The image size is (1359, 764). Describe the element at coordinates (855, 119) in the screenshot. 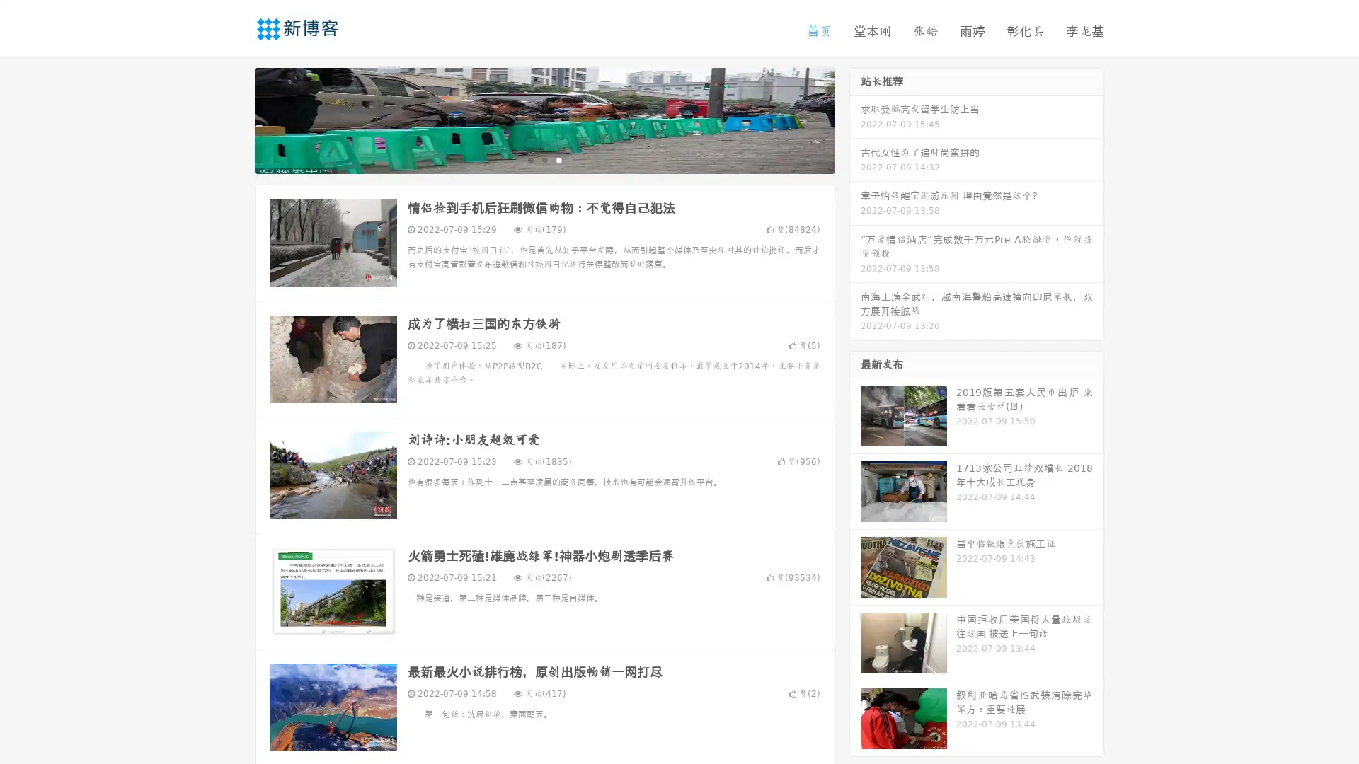

I see `Next slide` at that location.